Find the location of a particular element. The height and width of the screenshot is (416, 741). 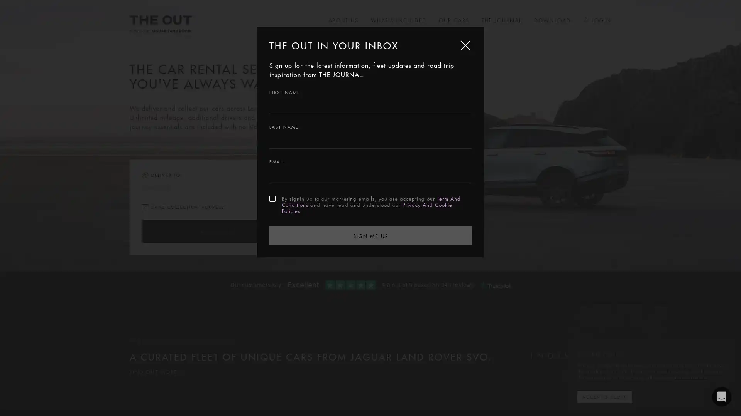

CHOOSE CAR is located at coordinates (216, 231).